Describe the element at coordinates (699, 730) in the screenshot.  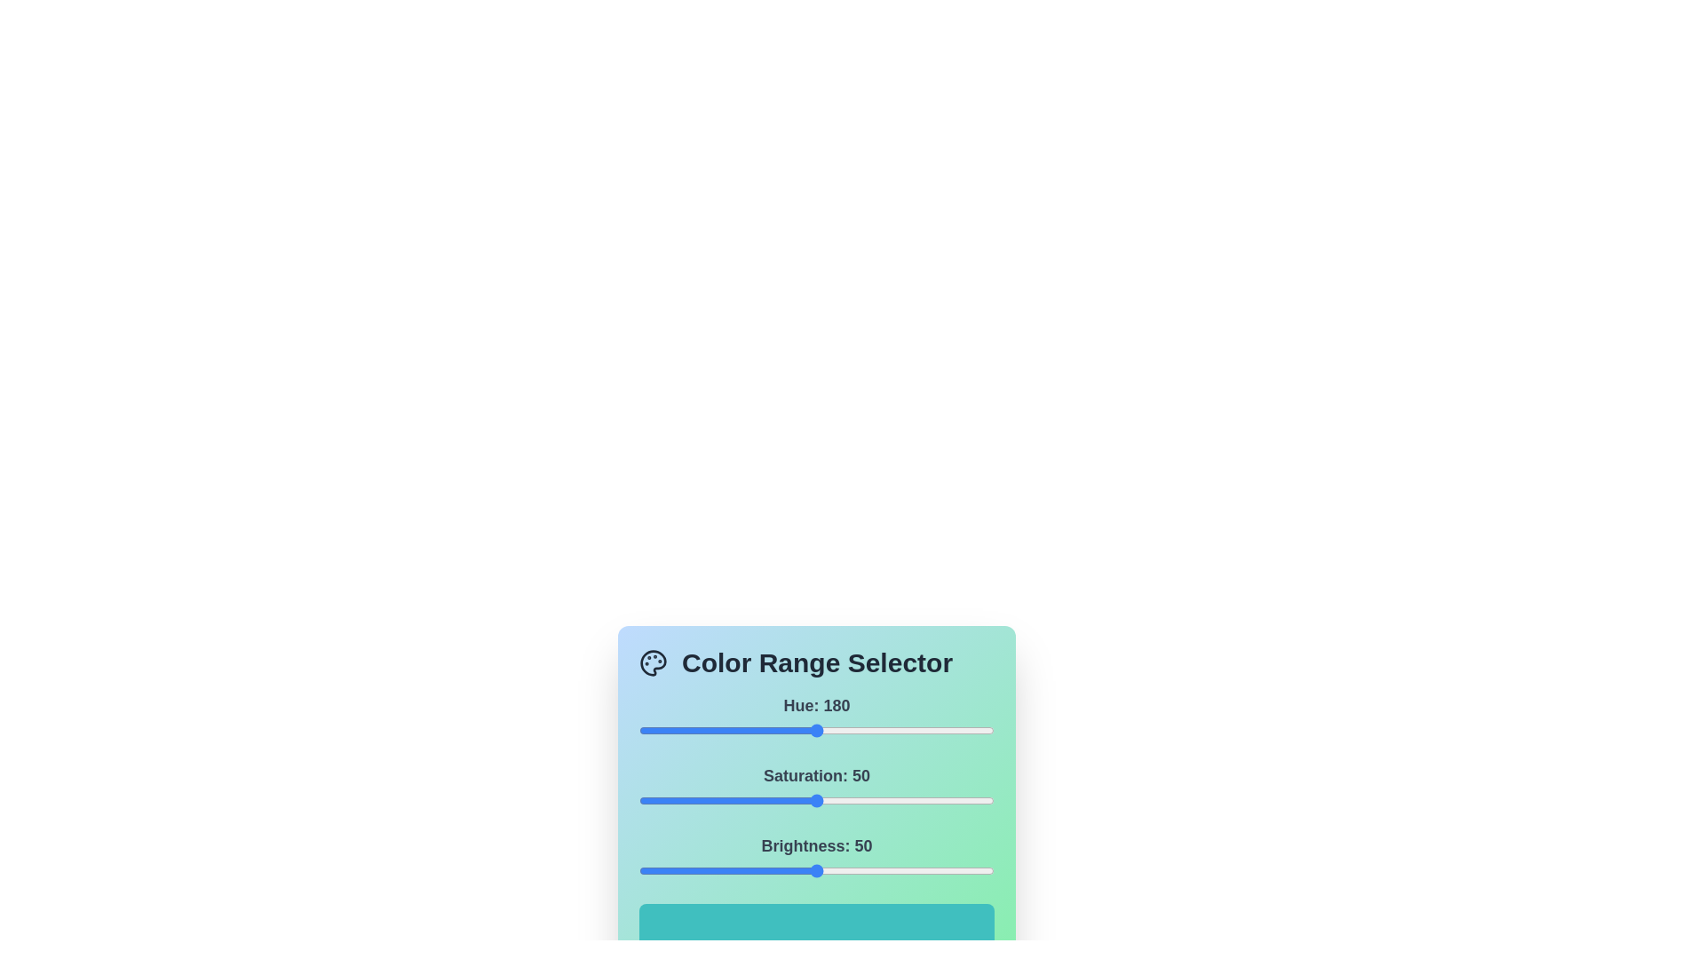
I see `the 0 slider to 62` at that location.